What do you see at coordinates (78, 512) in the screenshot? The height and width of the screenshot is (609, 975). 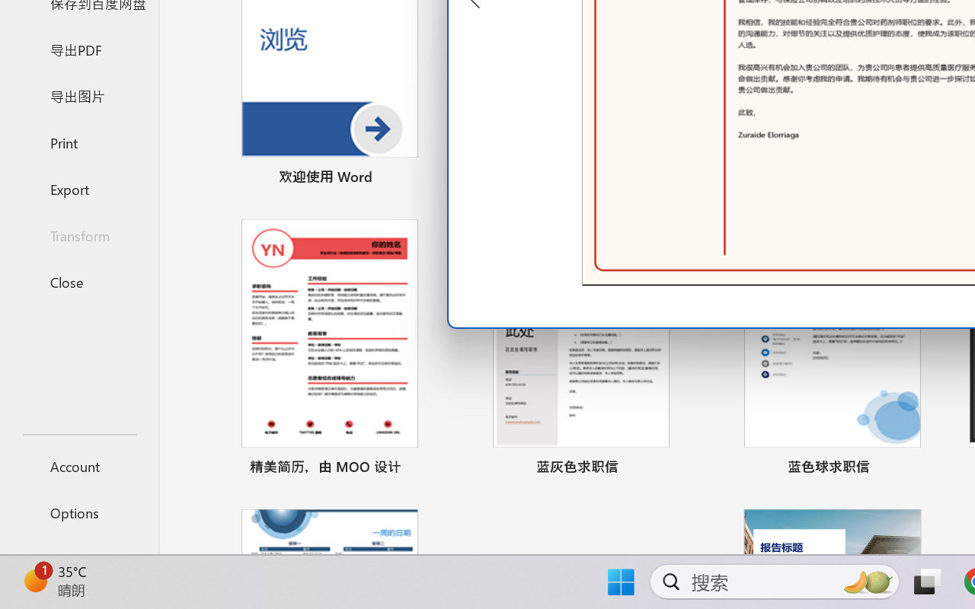 I see `'Options'` at bounding box center [78, 512].